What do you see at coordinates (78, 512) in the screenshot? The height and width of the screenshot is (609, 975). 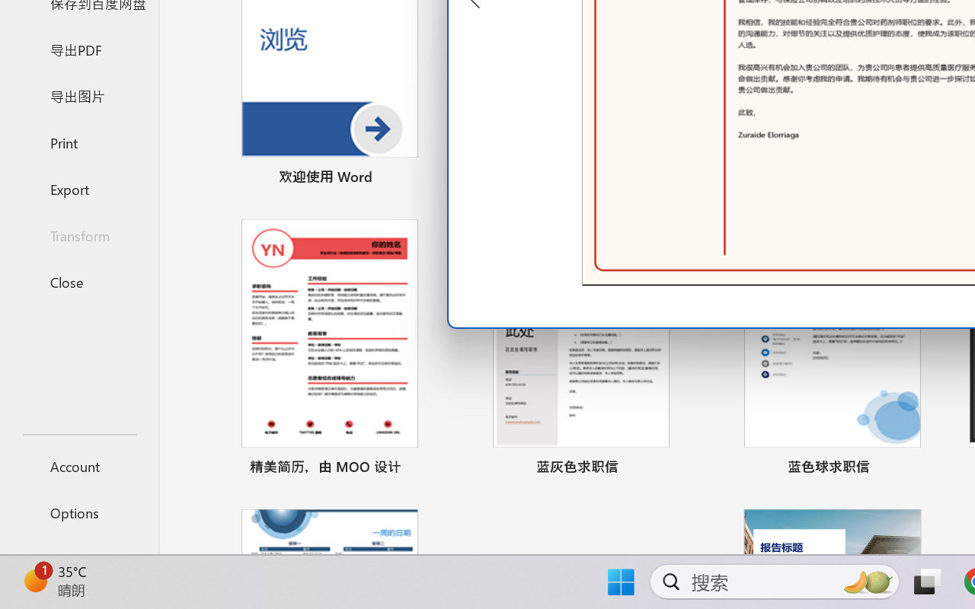 I see `'Options'` at bounding box center [78, 512].